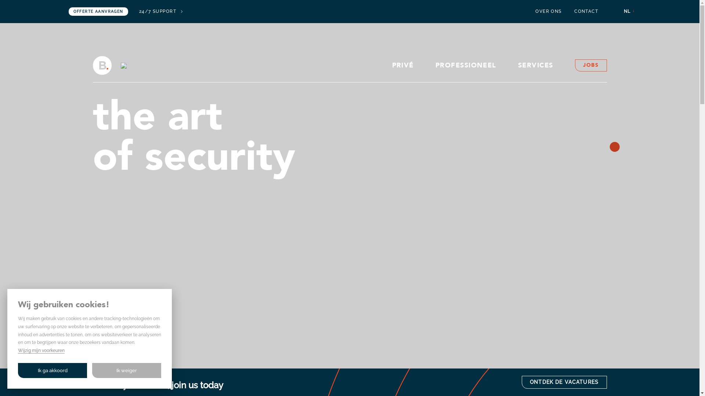  I want to click on 'OVER ONS', so click(535, 11).